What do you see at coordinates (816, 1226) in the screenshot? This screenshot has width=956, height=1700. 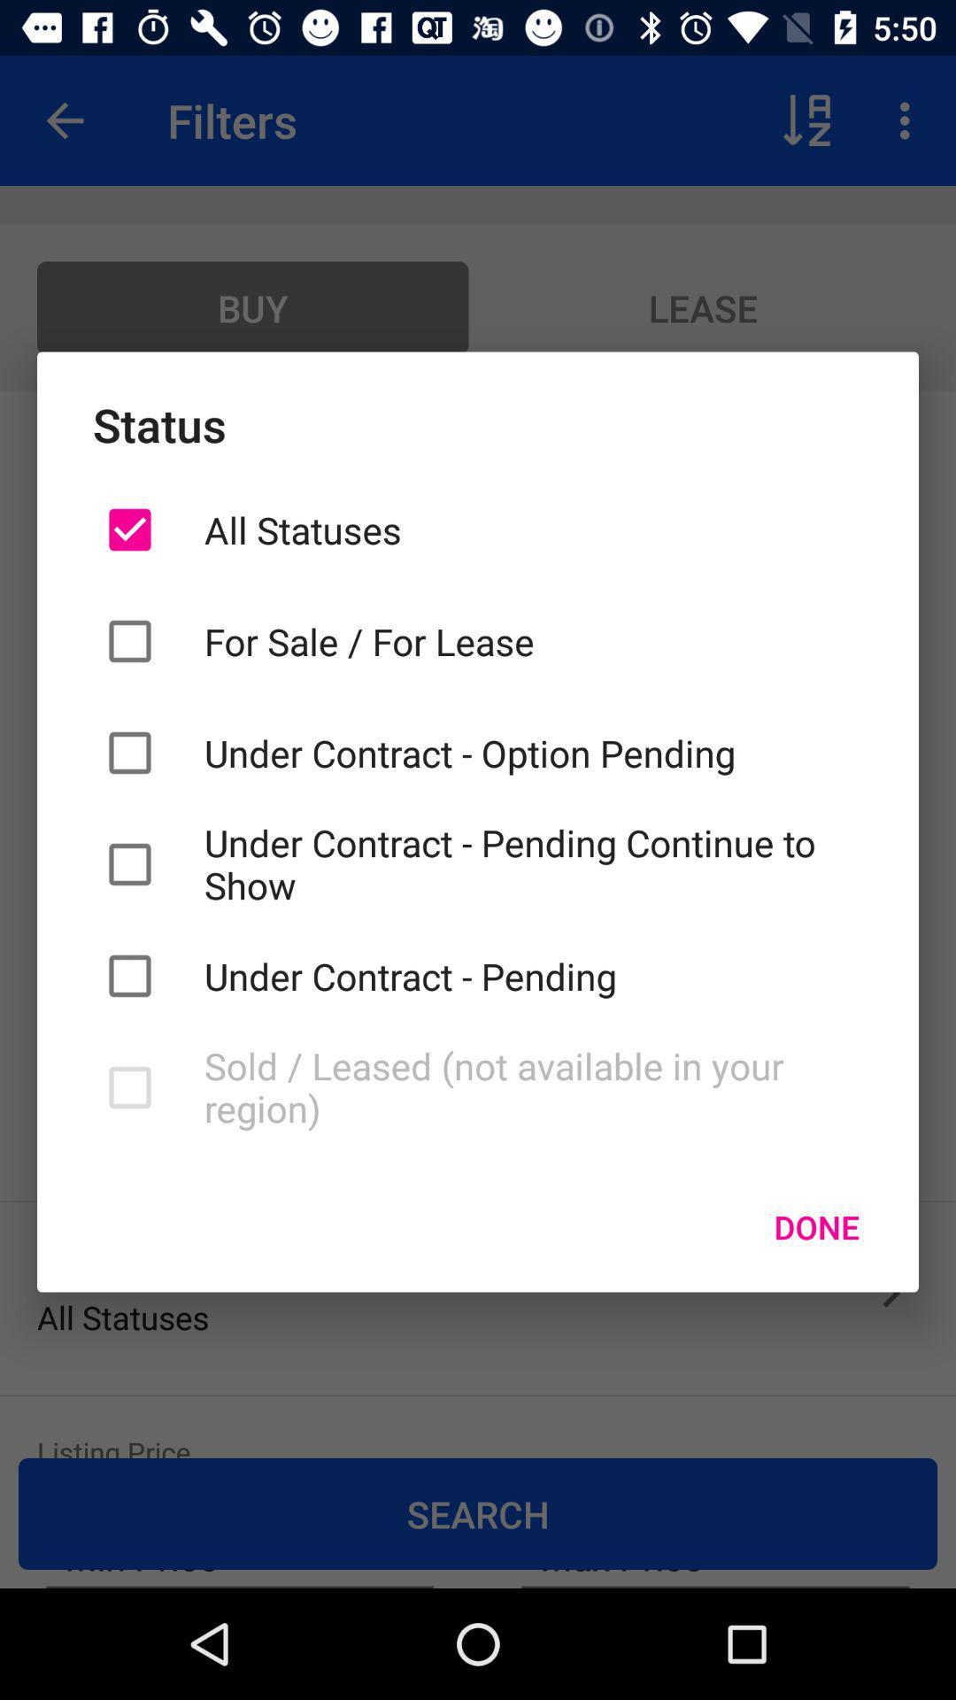 I see `done at the bottom right corner` at bounding box center [816, 1226].